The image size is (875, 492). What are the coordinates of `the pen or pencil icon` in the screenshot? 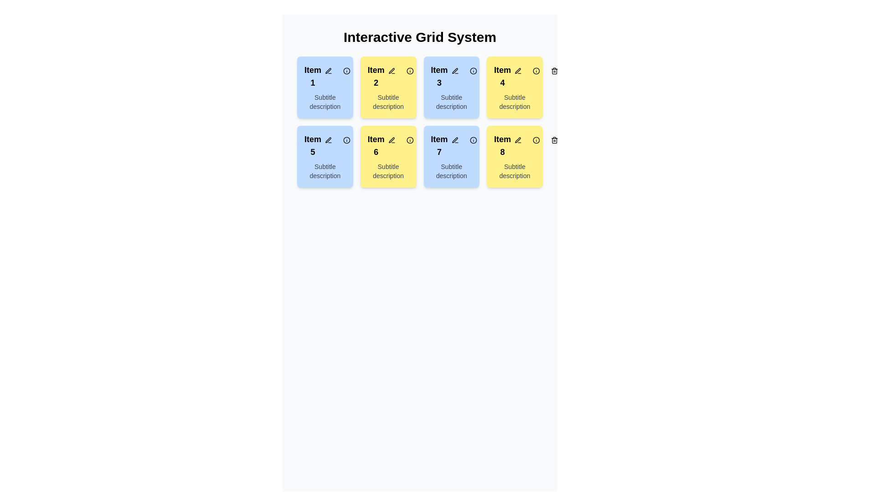 It's located at (328, 140).